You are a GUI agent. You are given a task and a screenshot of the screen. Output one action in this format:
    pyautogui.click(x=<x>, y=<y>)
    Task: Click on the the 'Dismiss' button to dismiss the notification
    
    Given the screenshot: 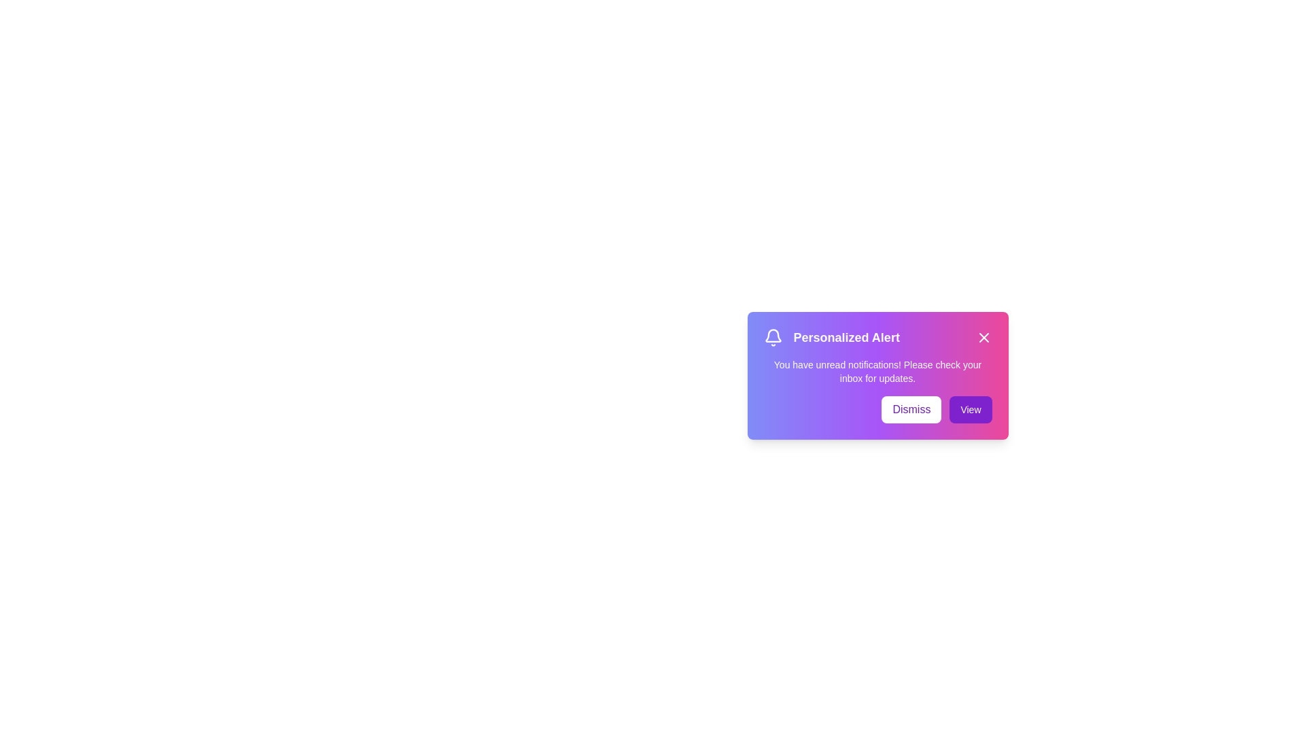 What is the action you would take?
    pyautogui.click(x=911, y=408)
    